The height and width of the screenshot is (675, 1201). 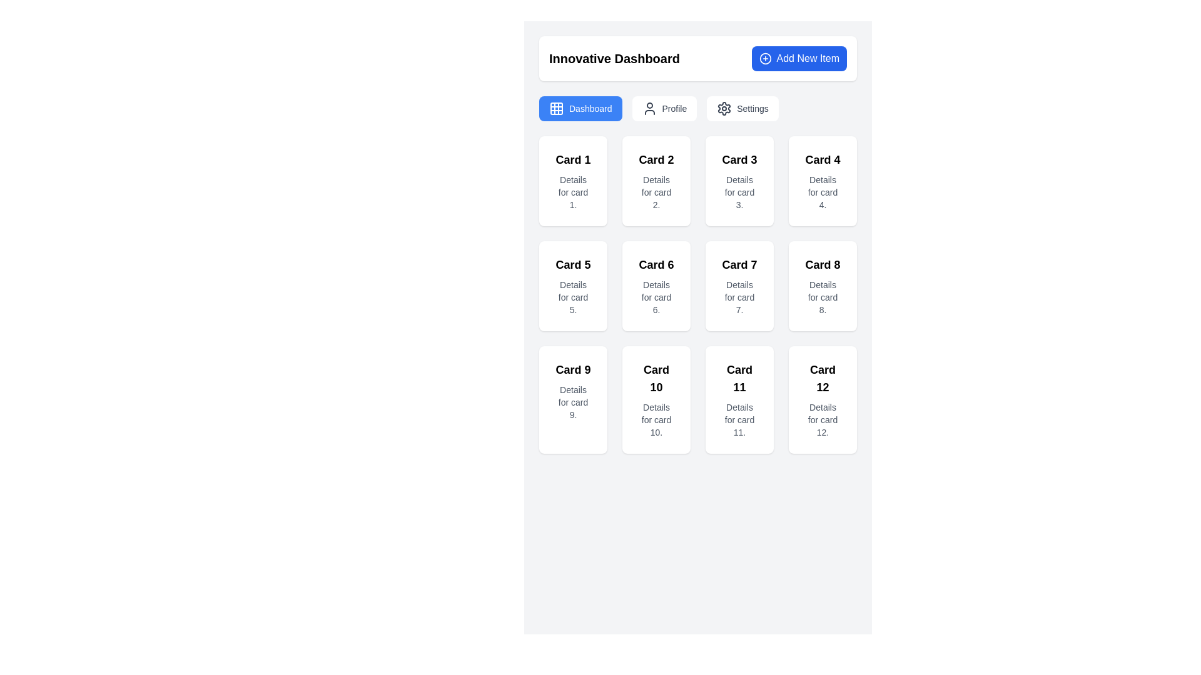 I want to click on the text label within the first button of the horizontal navigation menu that redirects to the dashboard view, so click(x=590, y=107).